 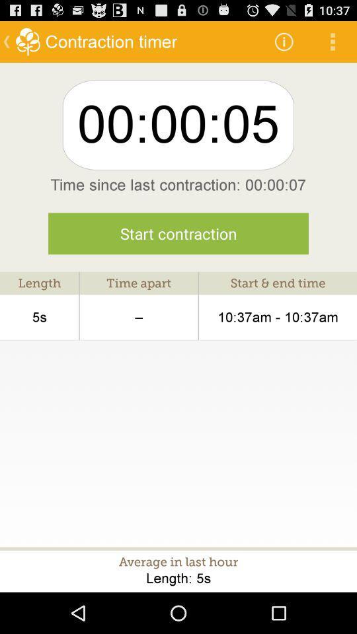 What do you see at coordinates (283, 41) in the screenshot?
I see `icon next to the contraction timer icon` at bounding box center [283, 41].